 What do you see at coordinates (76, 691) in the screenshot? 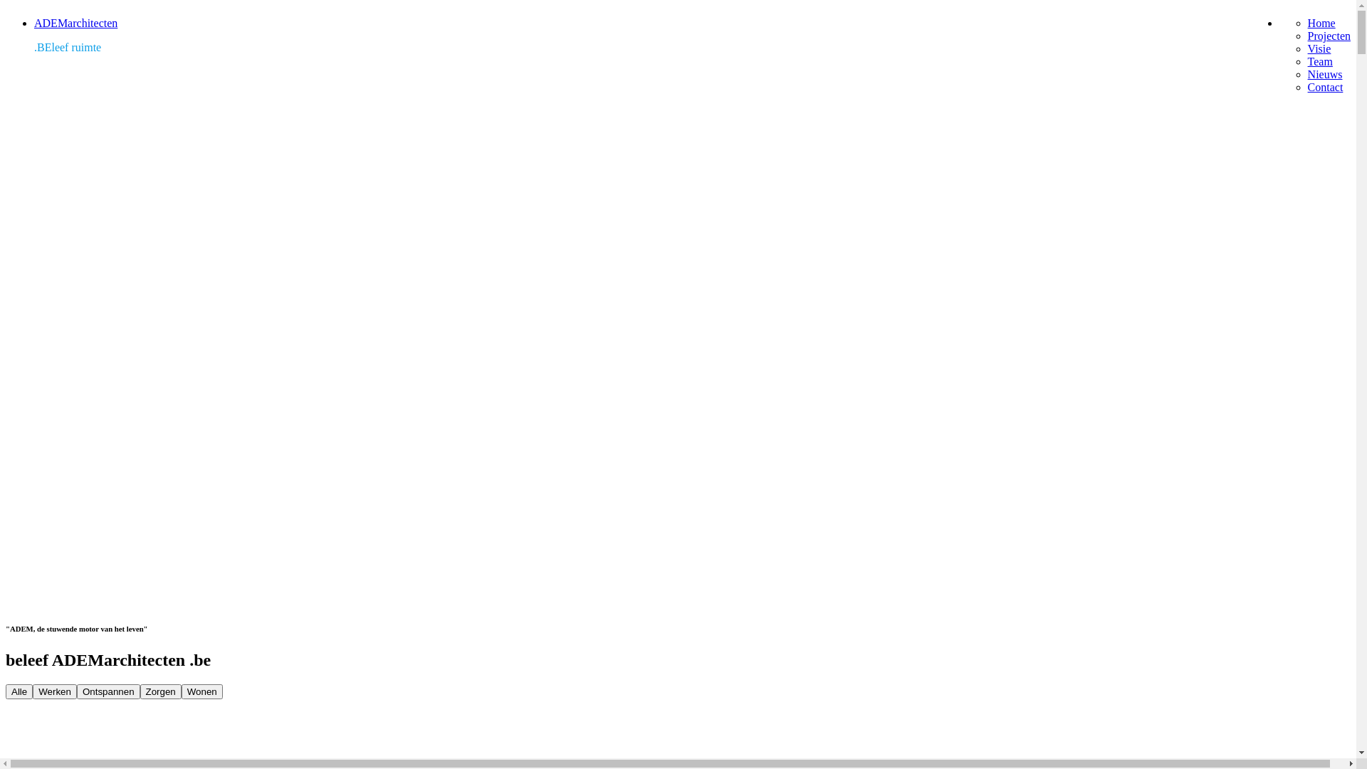
I see `'Ontspannen'` at bounding box center [76, 691].